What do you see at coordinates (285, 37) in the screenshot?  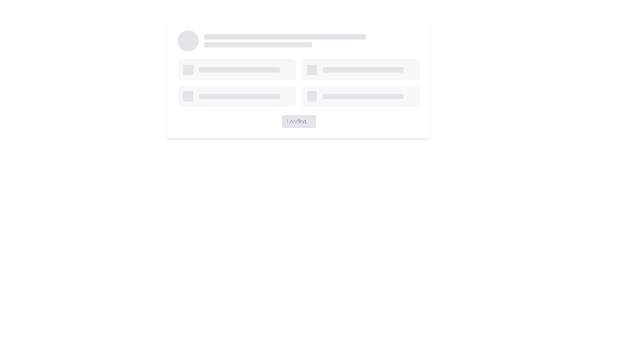 I see `the Skeleton Loader element, which serves as a placeholder indicating that loading is in progress and is positioned at the top left of the vertical stack layout` at bounding box center [285, 37].